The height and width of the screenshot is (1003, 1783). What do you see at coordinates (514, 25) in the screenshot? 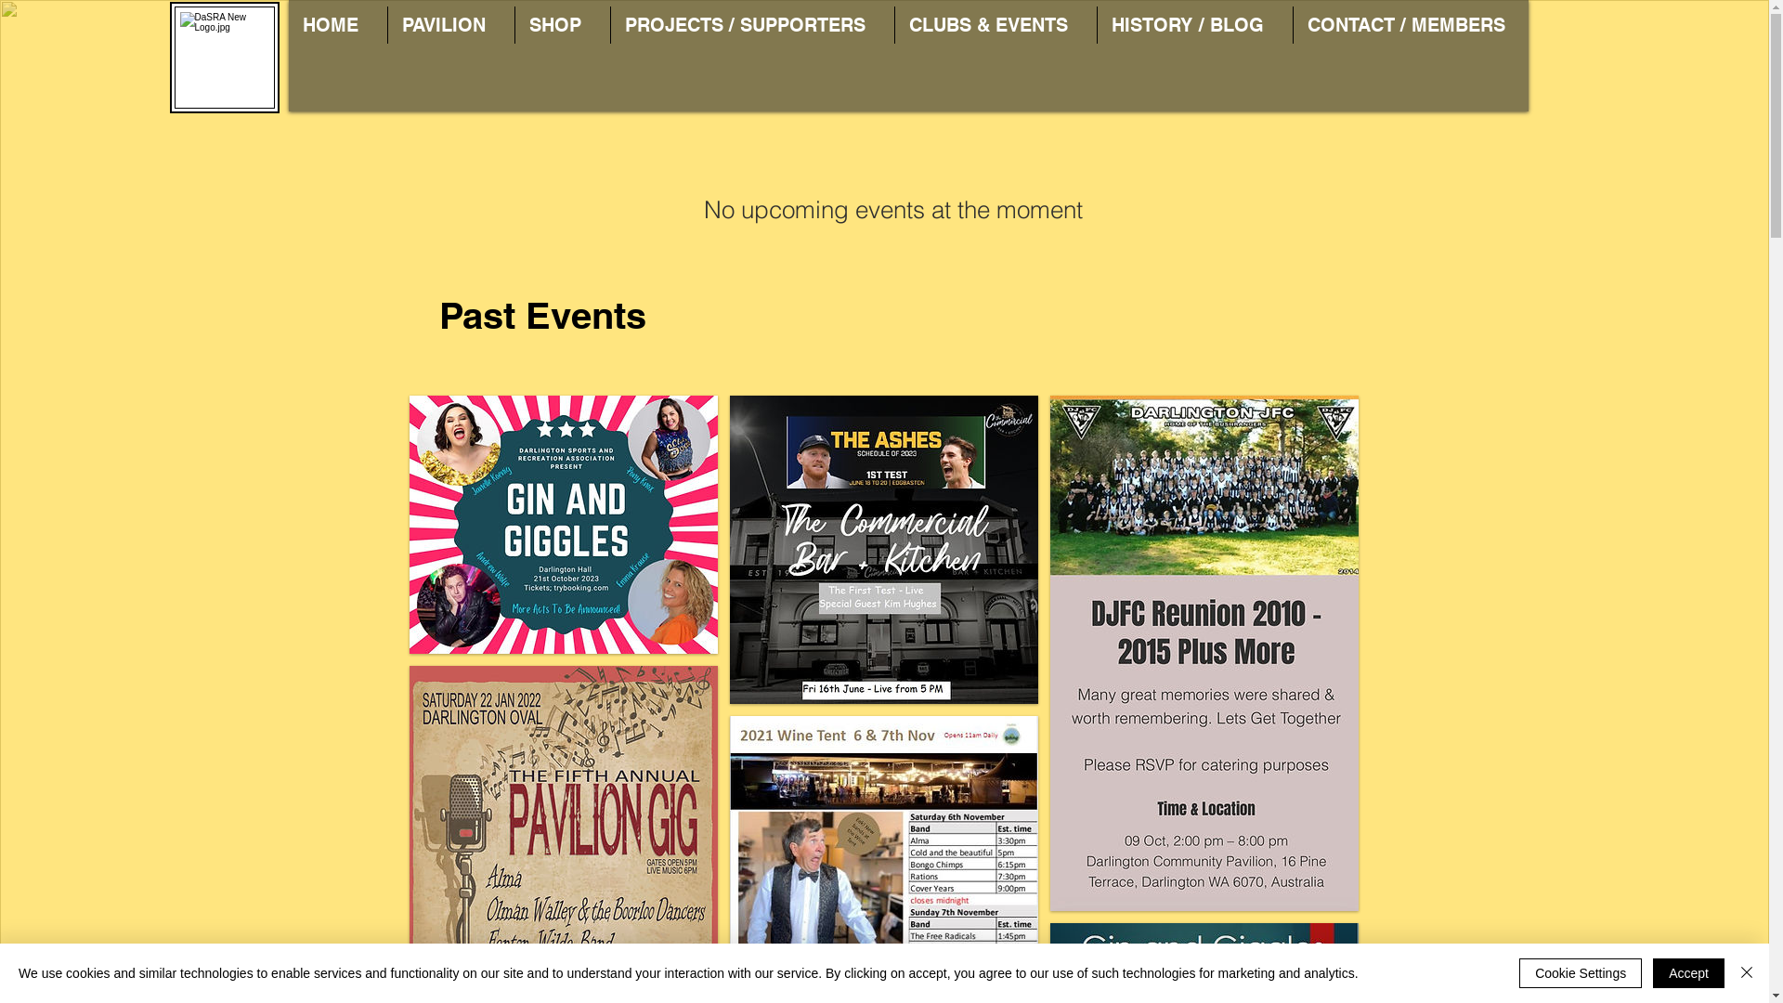
I see `'SHOP'` at bounding box center [514, 25].